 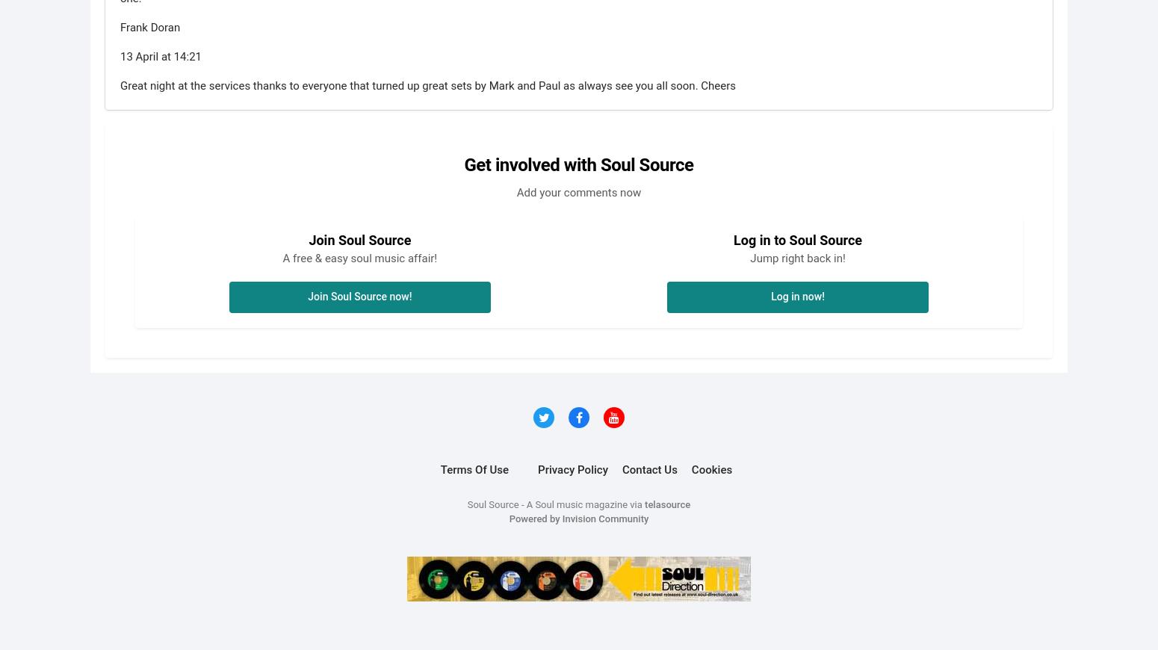 What do you see at coordinates (359, 296) in the screenshot?
I see `'Join Soul Source now!'` at bounding box center [359, 296].